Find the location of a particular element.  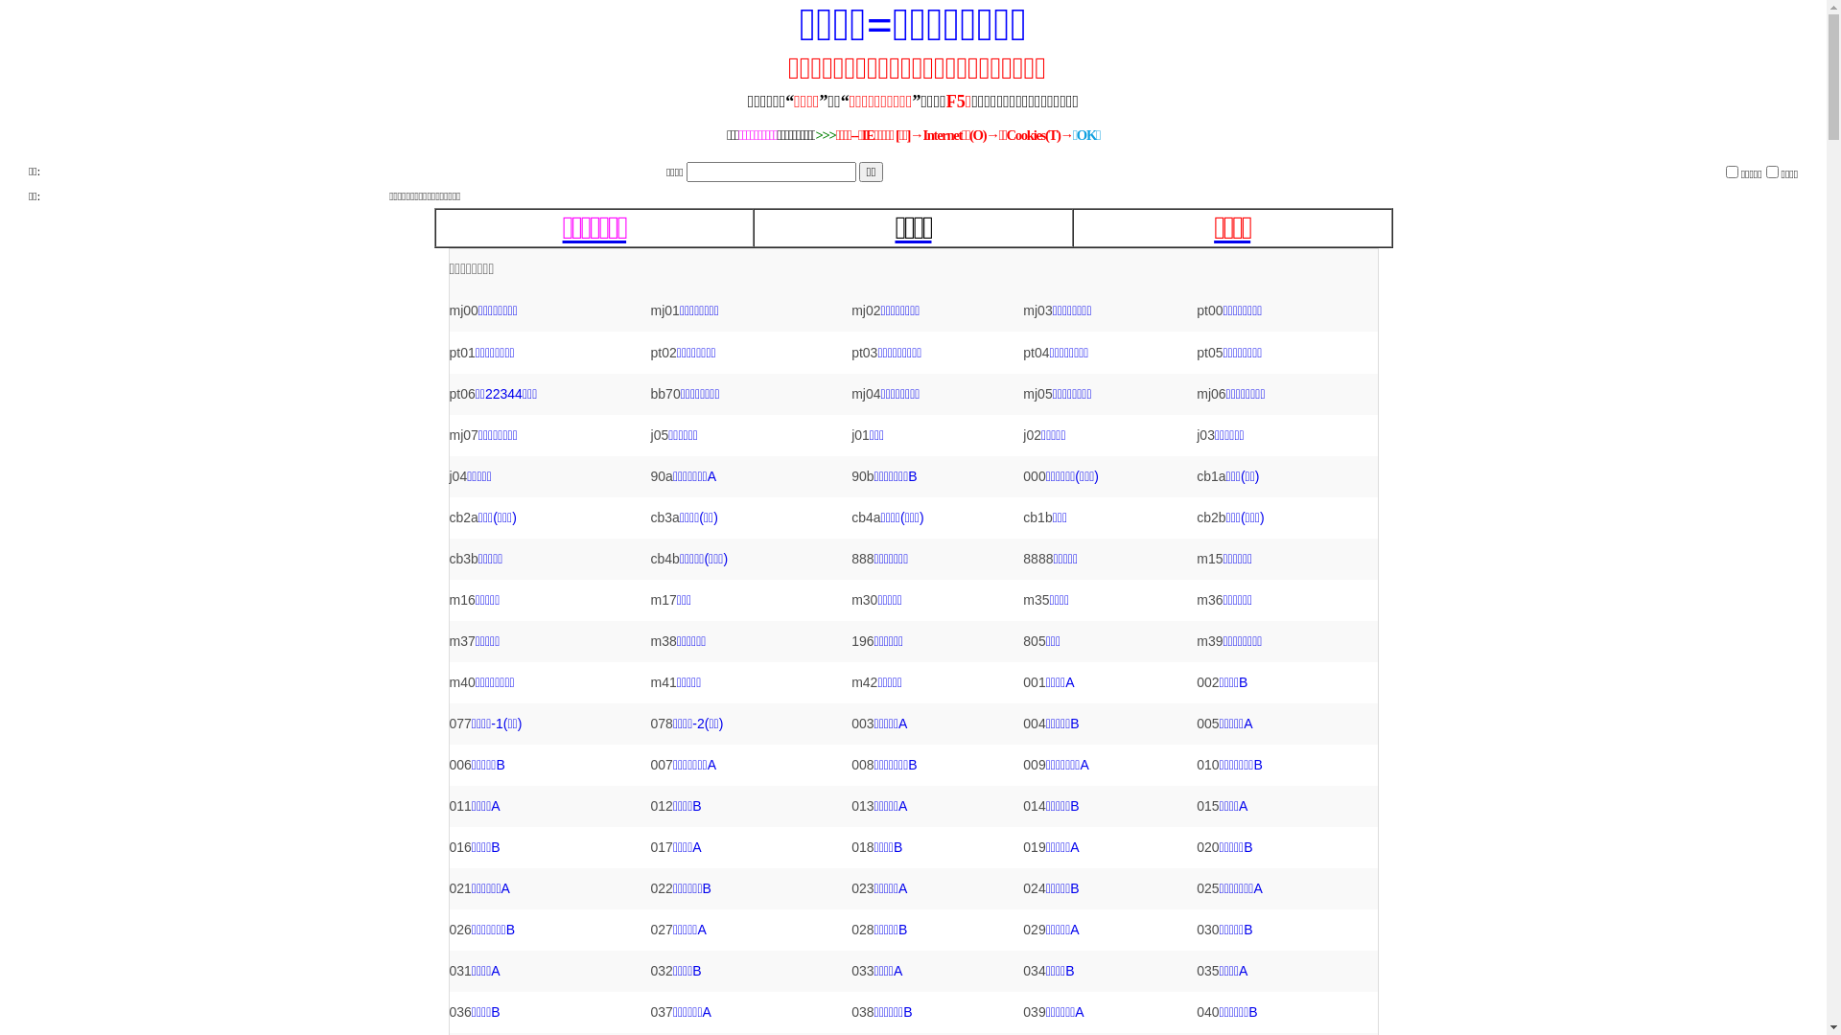

'006' is located at coordinates (447, 764).